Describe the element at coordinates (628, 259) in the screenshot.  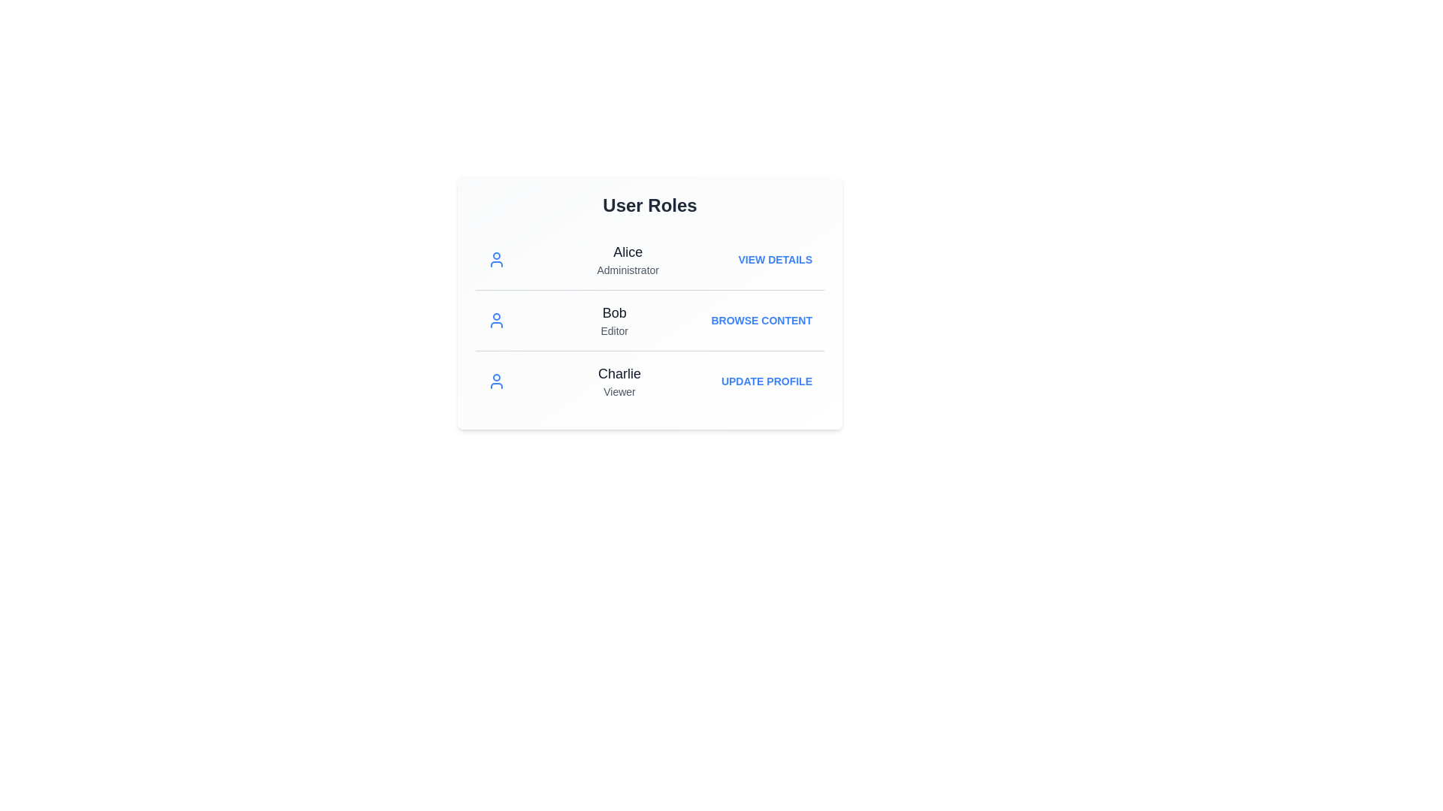
I see `the static text display element showing the user's name 'Alice' and role 'Administrator' in the user role management section` at that location.